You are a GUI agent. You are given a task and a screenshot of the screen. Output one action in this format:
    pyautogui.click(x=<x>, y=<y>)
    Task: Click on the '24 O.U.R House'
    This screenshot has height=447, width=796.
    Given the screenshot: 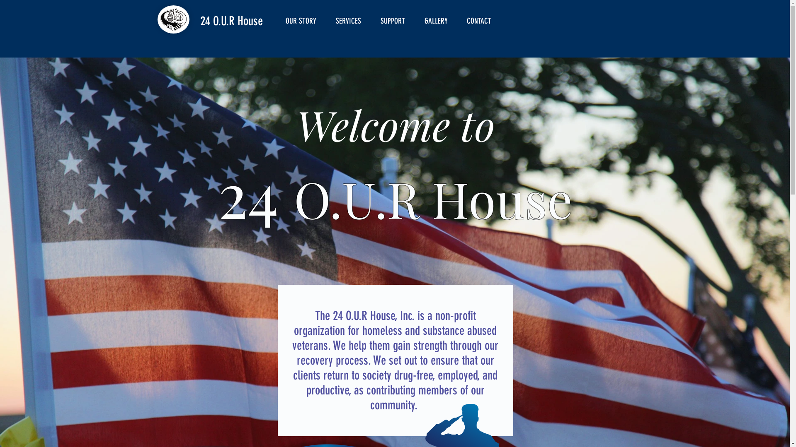 What is the action you would take?
    pyautogui.click(x=231, y=20)
    